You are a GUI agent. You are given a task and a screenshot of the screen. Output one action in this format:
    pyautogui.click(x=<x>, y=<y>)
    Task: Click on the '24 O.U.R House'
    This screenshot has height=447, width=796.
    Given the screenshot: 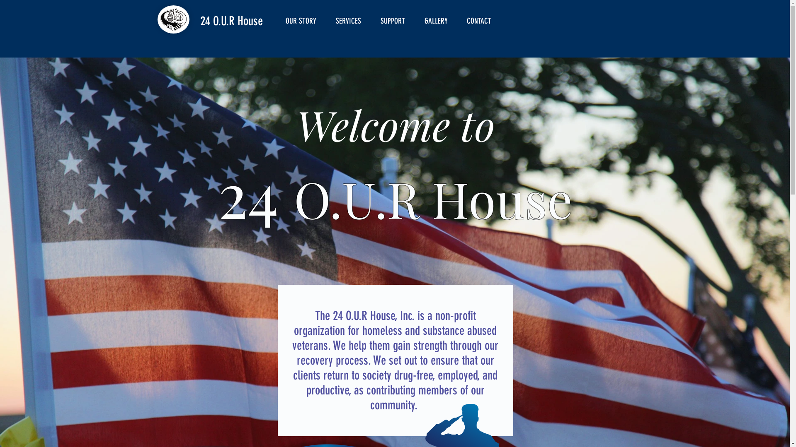 What is the action you would take?
    pyautogui.click(x=231, y=20)
    